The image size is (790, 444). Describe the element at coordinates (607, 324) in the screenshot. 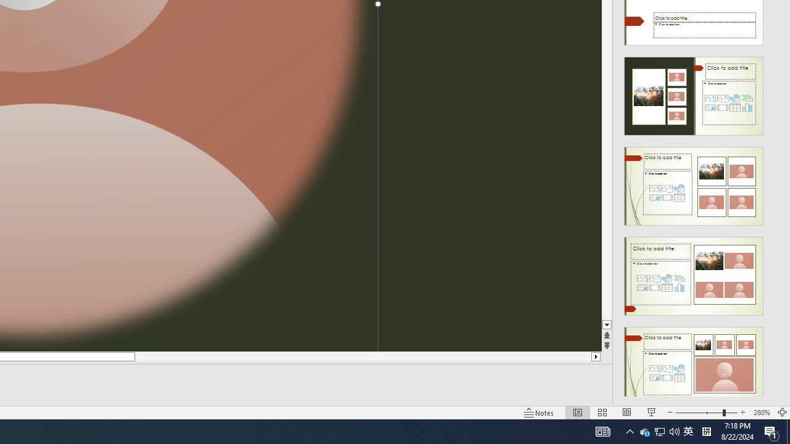

I see `'Line down'` at that location.